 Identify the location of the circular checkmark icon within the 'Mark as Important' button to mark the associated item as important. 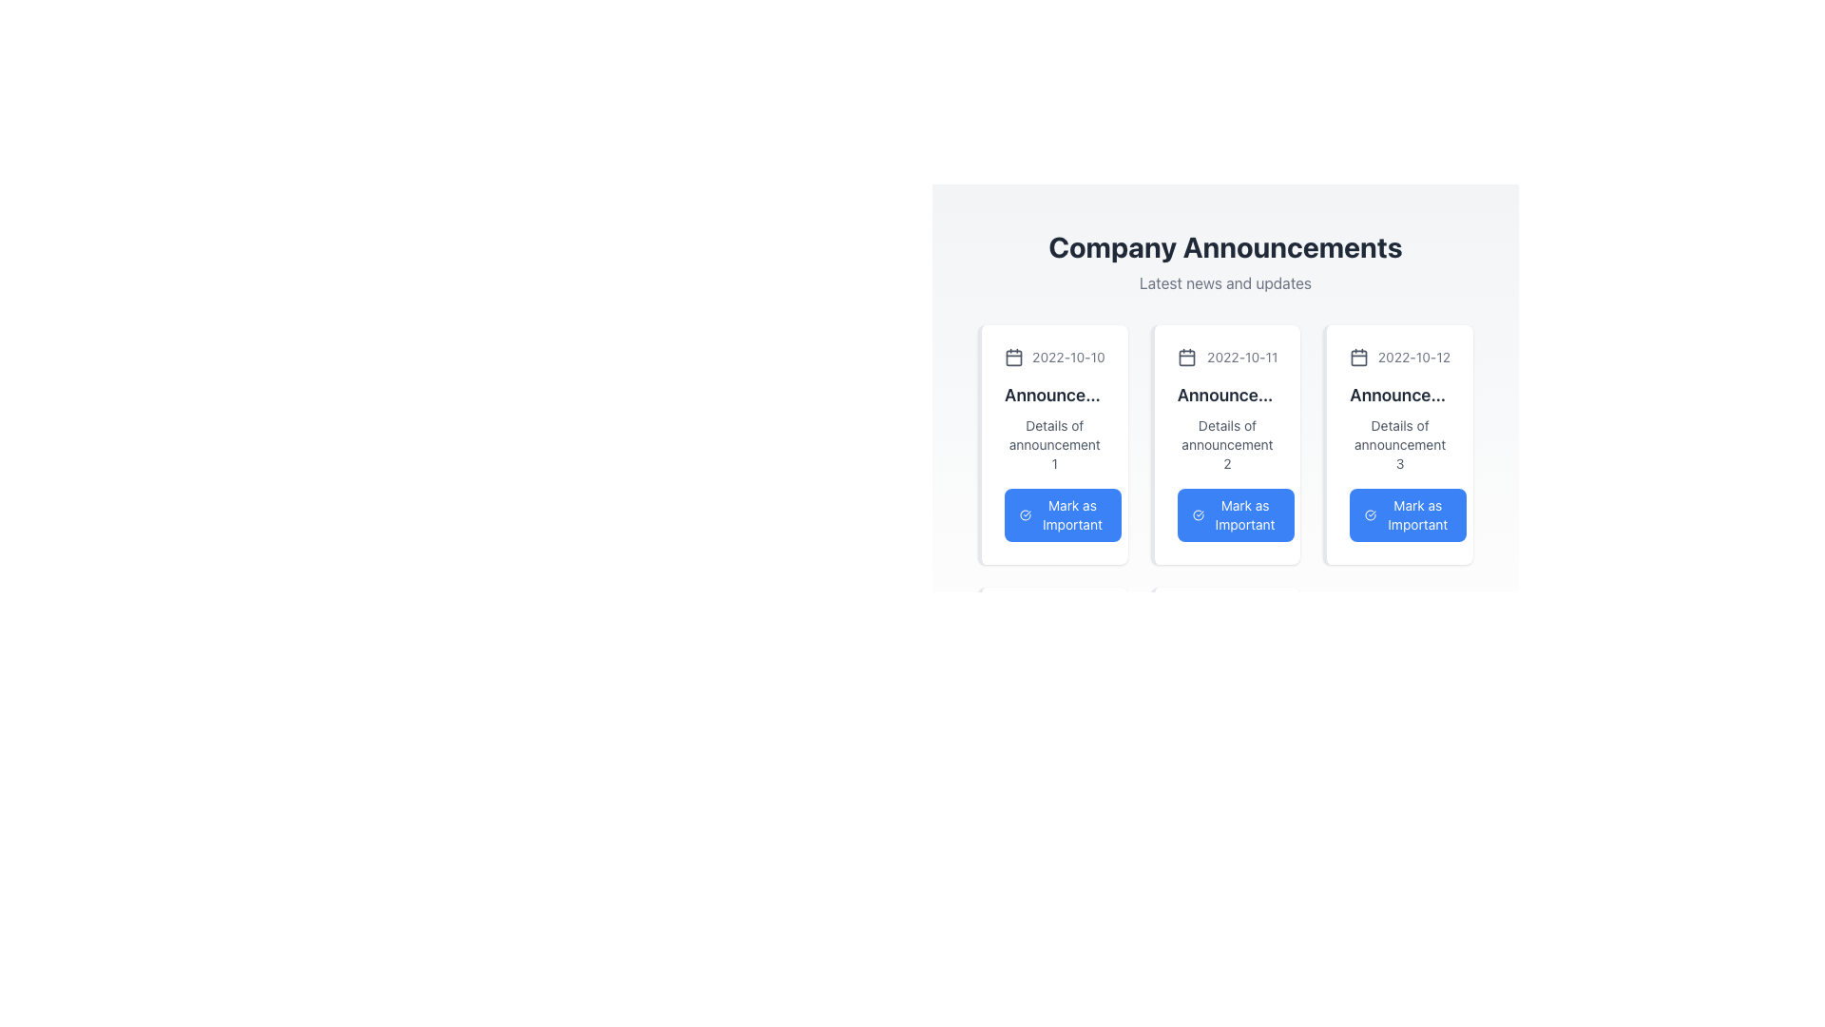
(1197, 515).